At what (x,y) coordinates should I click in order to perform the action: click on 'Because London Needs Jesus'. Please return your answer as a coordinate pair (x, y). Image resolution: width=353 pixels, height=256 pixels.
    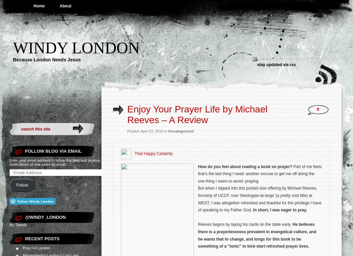
    Looking at the image, I should click on (47, 60).